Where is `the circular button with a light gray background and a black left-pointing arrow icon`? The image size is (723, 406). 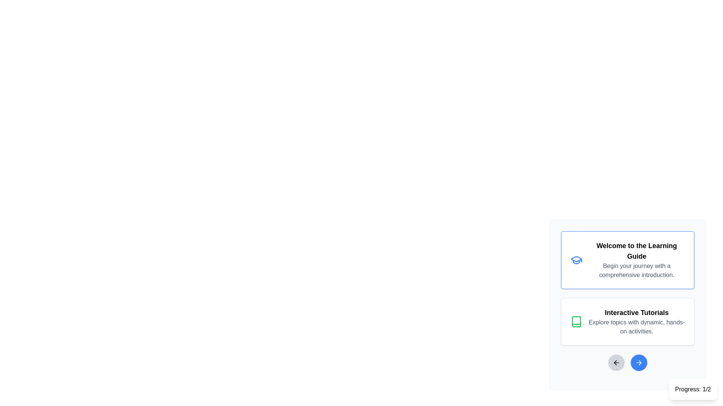
the circular button with a light gray background and a black left-pointing arrow icon is located at coordinates (616, 362).